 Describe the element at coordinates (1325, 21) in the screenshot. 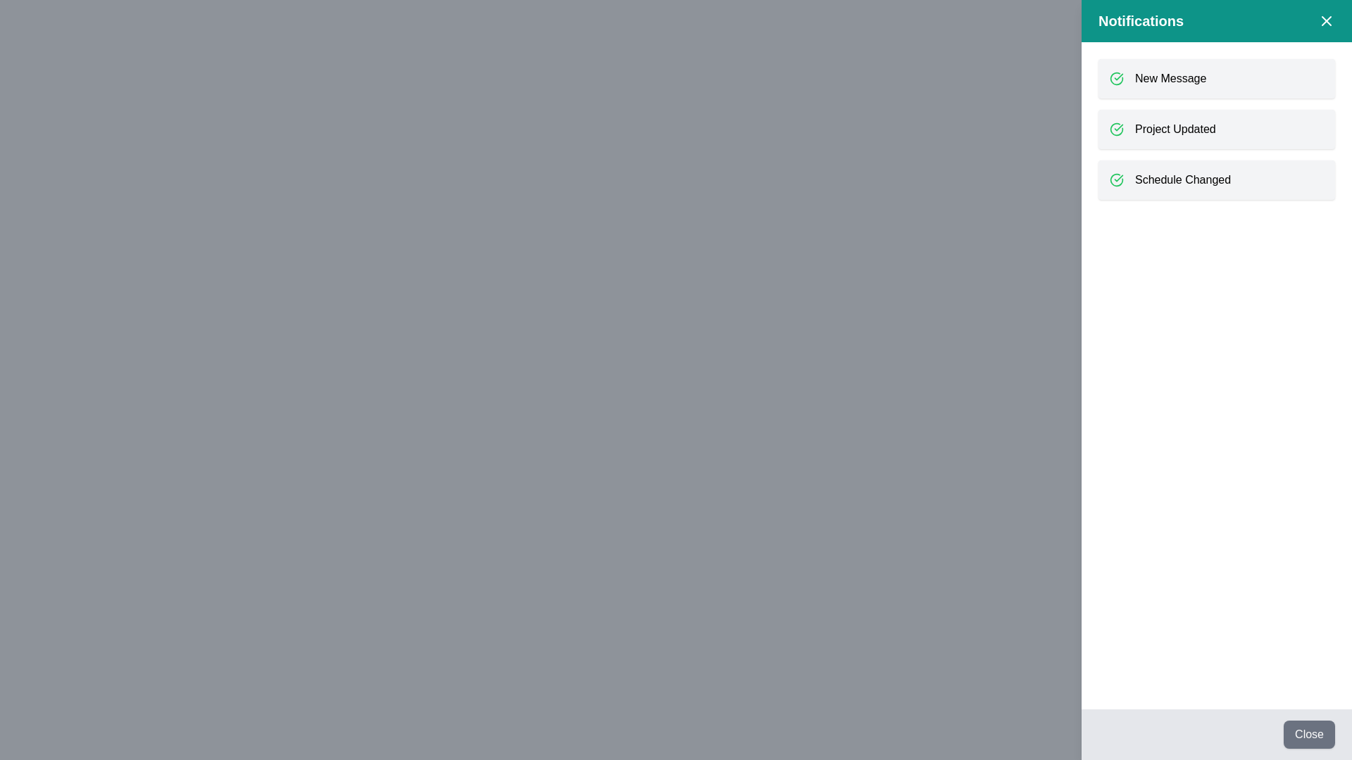

I see `the 'X' icon button located in the top-right corner of the 'Notifications' header section` at that location.